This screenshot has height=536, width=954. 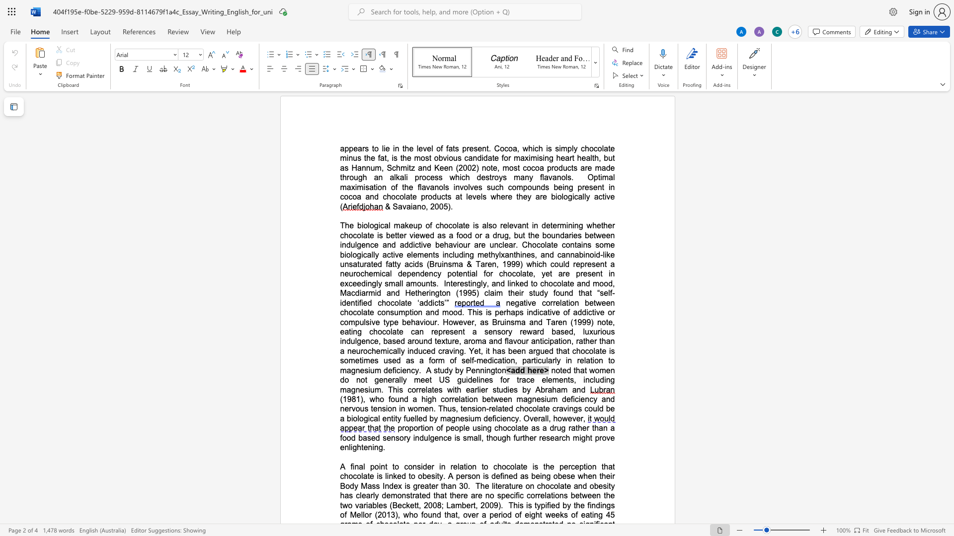 What do you see at coordinates (593, 302) in the screenshot?
I see `the space between the continuous character "e" and "t" in the text` at bounding box center [593, 302].